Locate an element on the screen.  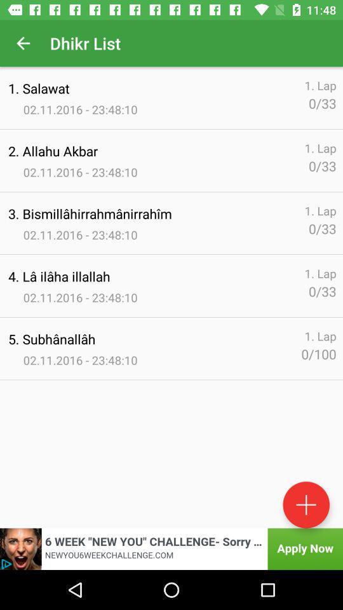
the add icon is located at coordinates (306, 505).